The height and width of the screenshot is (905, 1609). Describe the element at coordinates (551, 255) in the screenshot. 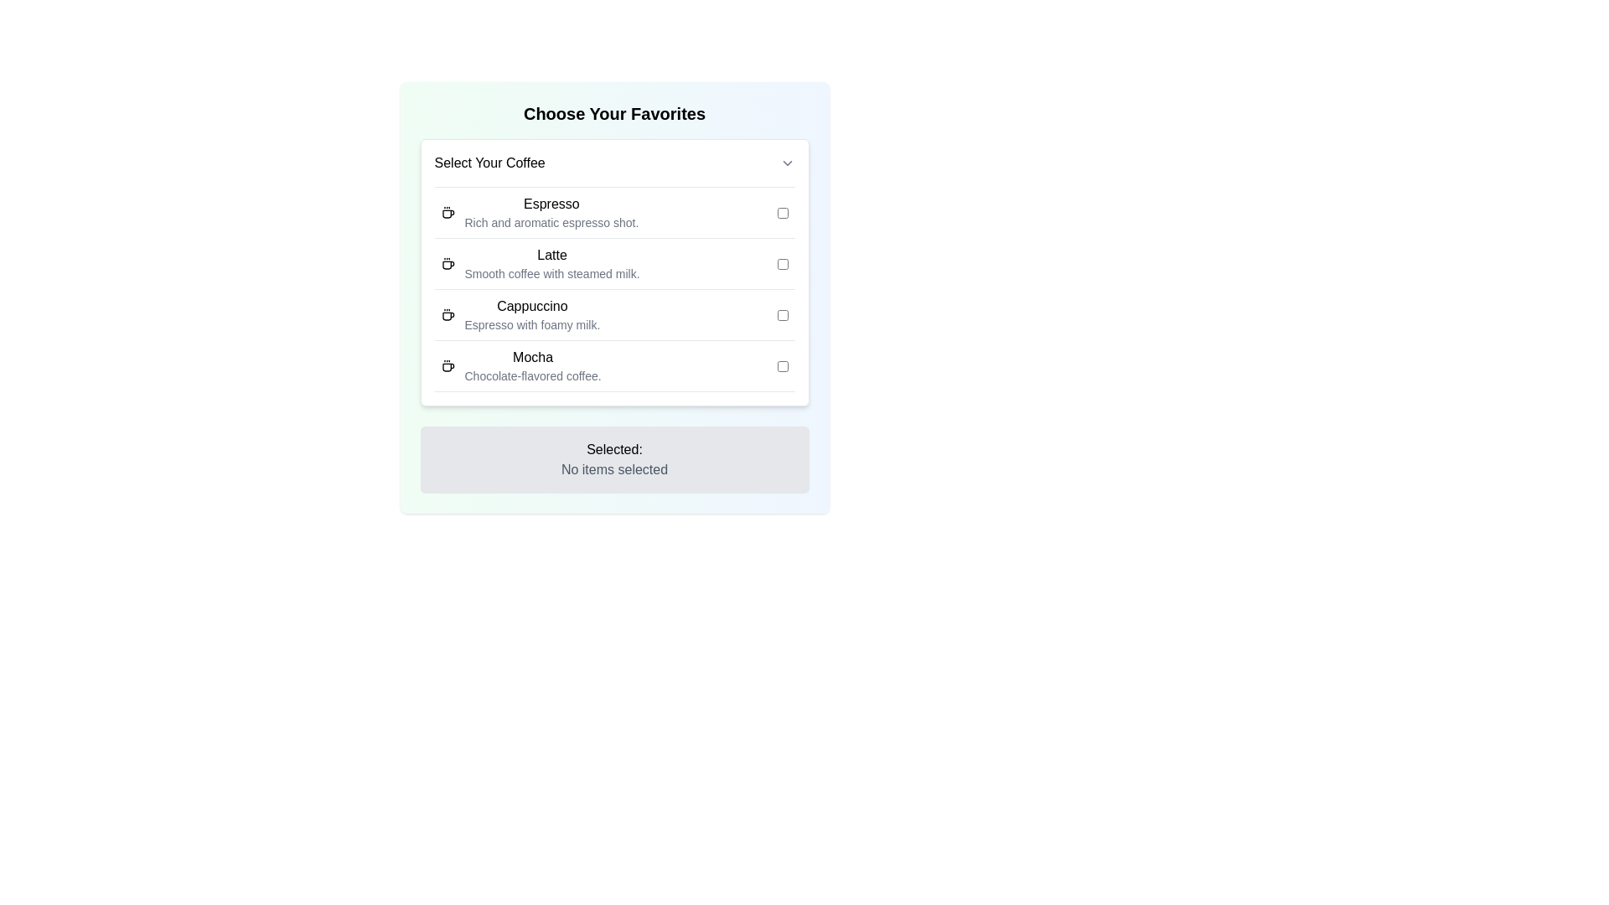

I see `the 'Latte' label in the 'Select Your Coffee' list, which is positioned between 'Espresso' and 'Cappuccino'` at that location.